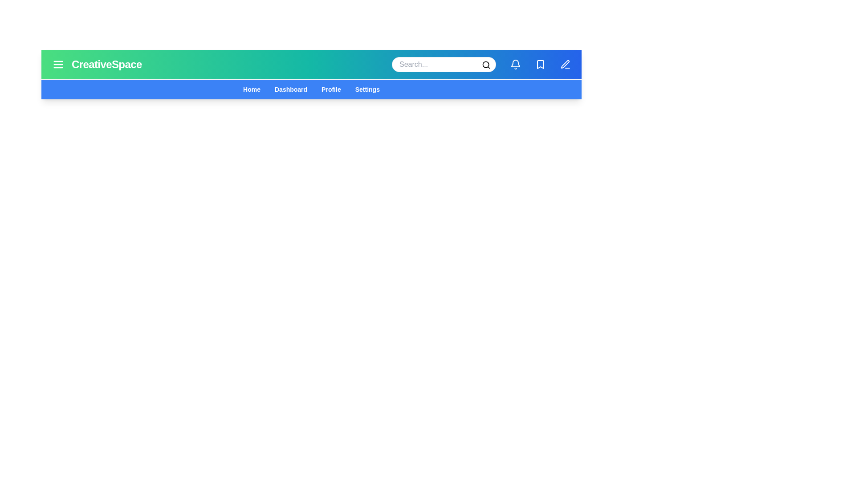 The height and width of the screenshot is (481, 855). I want to click on the edit icon to enter edit mode, so click(565, 64).